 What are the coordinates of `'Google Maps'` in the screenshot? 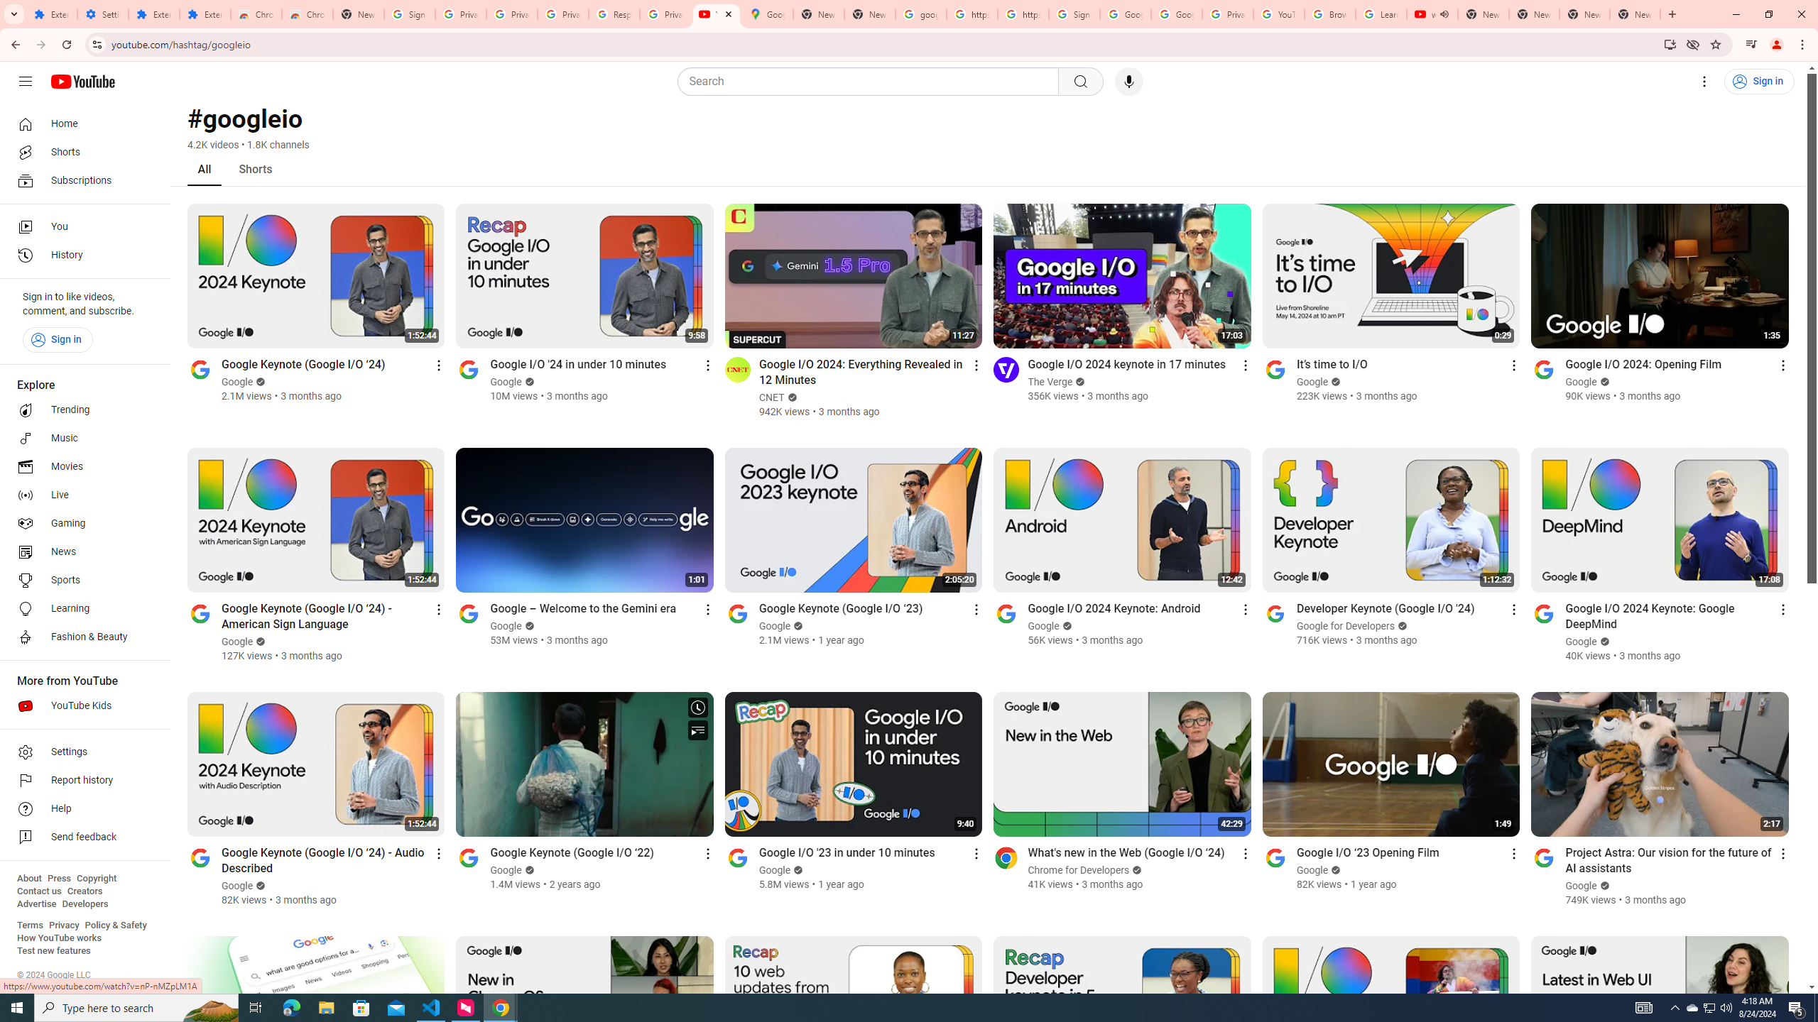 It's located at (767, 13).